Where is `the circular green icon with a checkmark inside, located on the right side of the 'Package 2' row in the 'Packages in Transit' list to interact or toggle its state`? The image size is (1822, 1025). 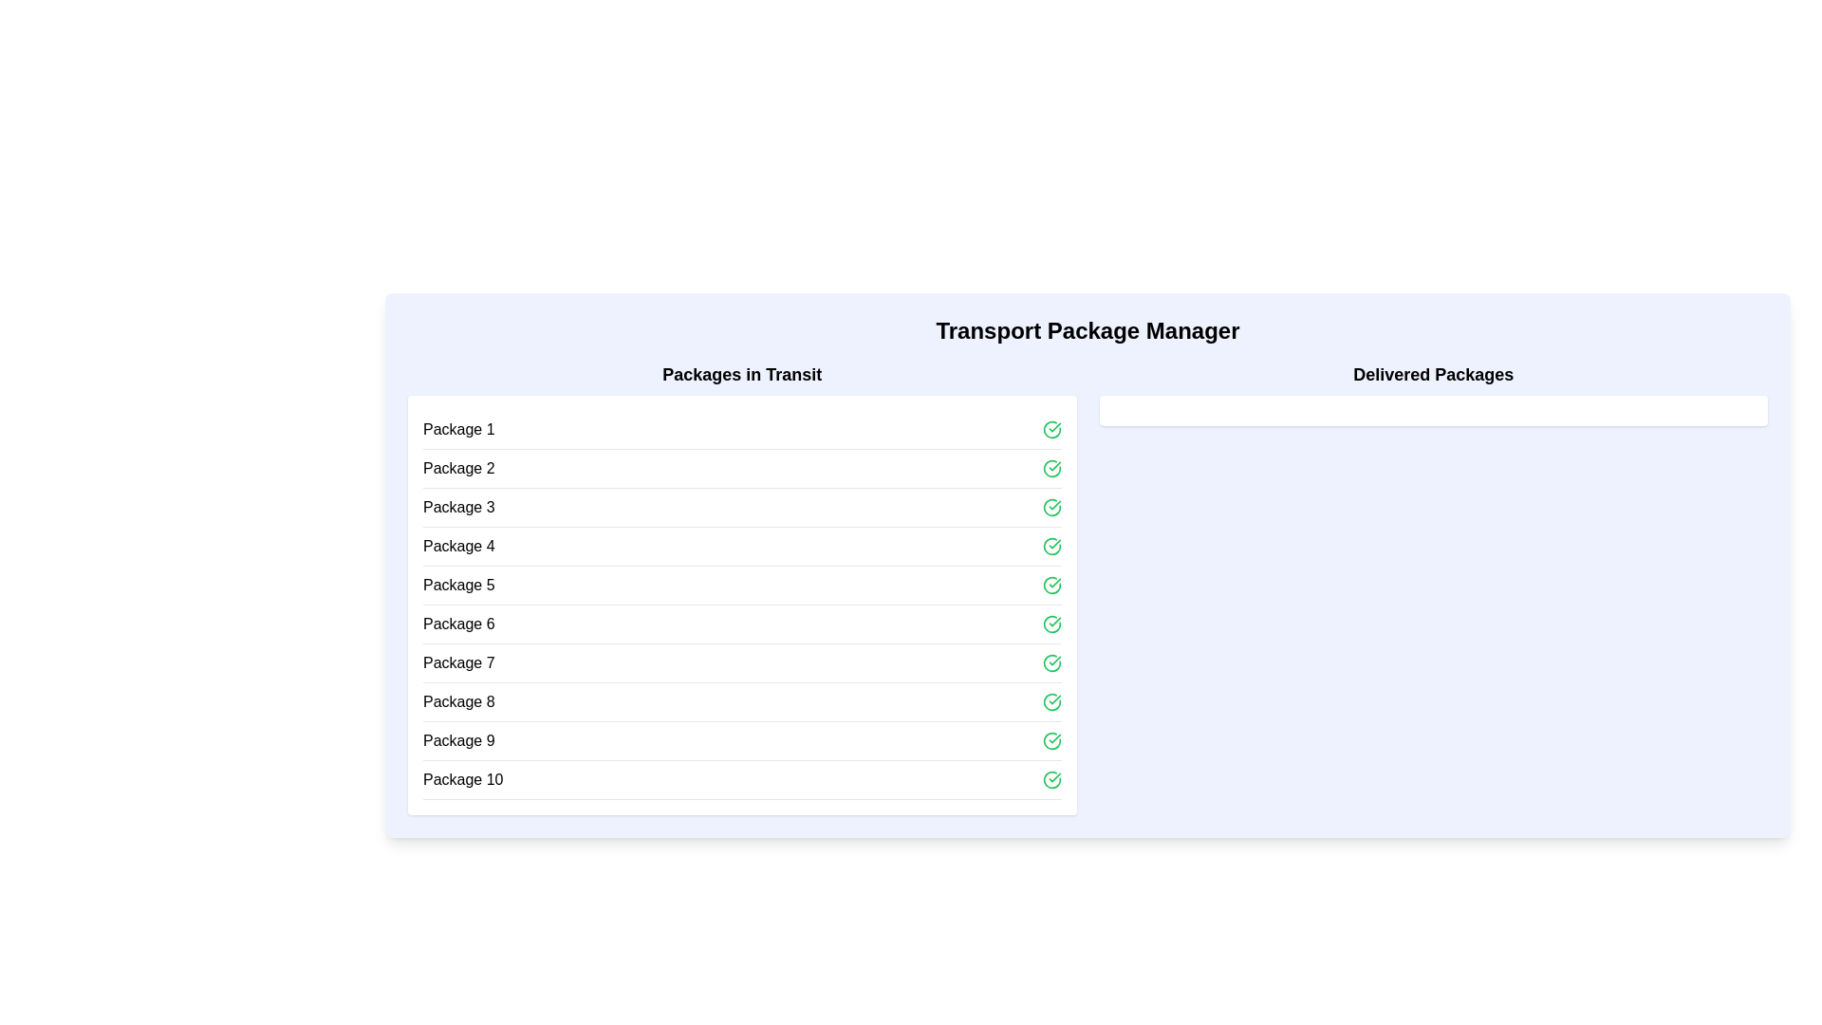 the circular green icon with a checkmark inside, located on the right side of the 'Package 2' row in the 'Packages in Transit' list to interact or toggle its state is located at coordinates (1050, 468).